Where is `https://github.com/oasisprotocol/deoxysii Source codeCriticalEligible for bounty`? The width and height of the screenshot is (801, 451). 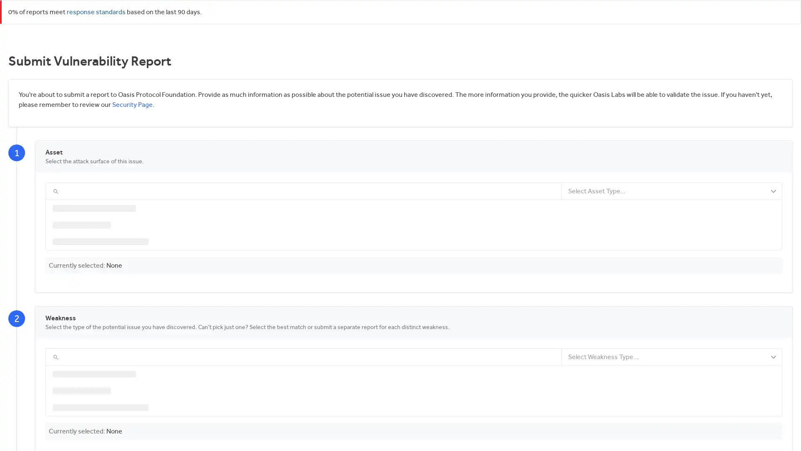 https://github.com/oasisprotocol/deoxysii Source codeCriticalEligible for bounty is located at coordinates (414, 235).